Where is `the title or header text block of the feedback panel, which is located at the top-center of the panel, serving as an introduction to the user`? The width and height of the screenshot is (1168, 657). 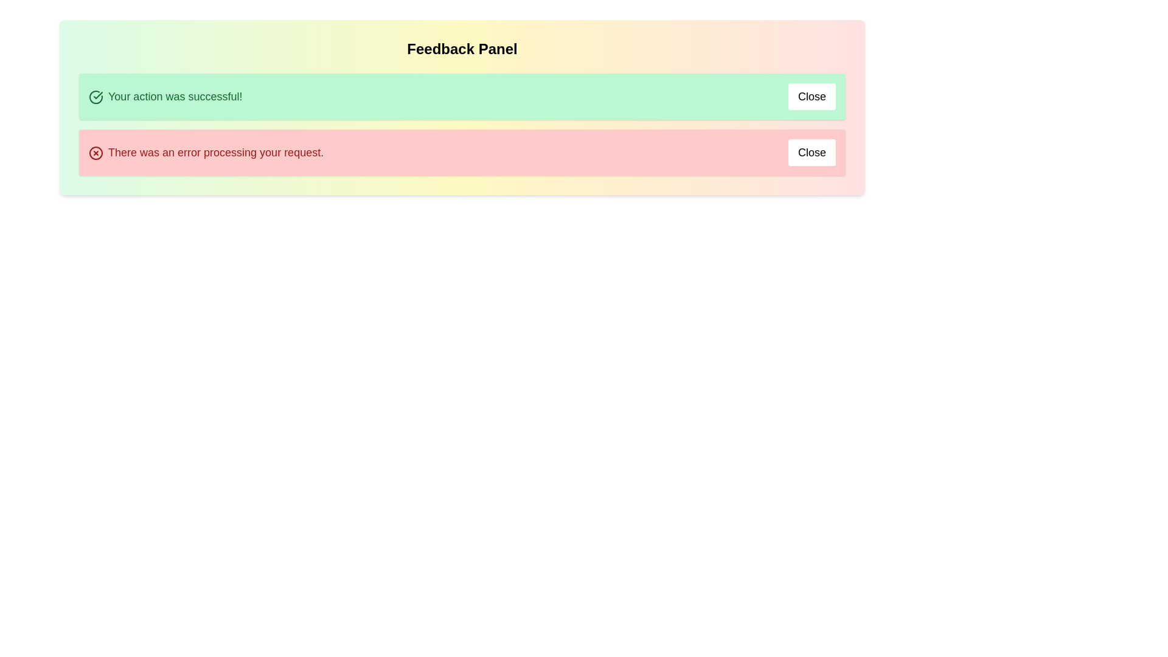 the title or header text block of the feedback panel, which is located at the top-center of the panel, serving as an introduction to the user is located at coordinates (461, 49).